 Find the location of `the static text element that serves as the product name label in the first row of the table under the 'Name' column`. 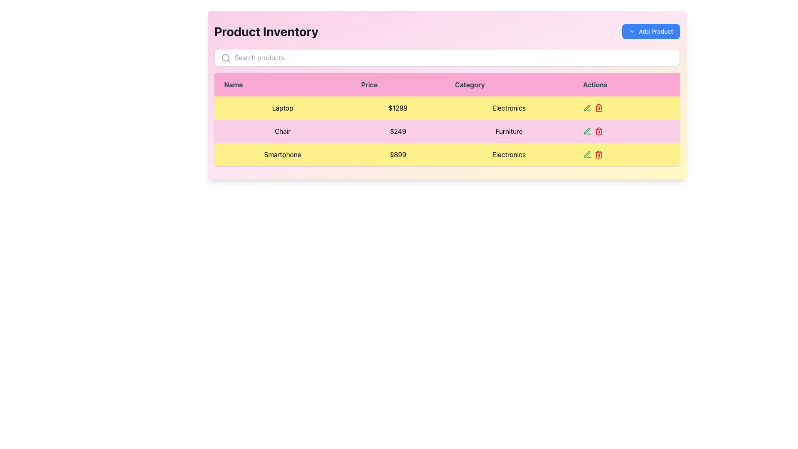

the static text element that serves as the product name label in the first row of the table under the 'Name' column is located at coordinates (283, 107).